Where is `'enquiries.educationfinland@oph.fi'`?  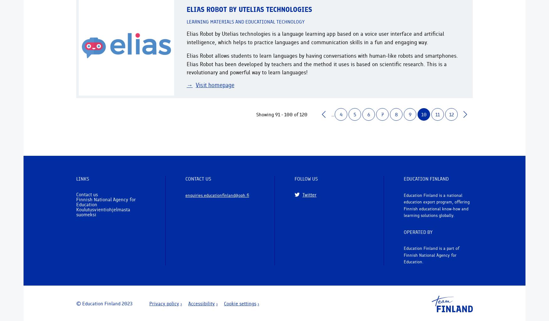 'enquiries.educationfinland@oph.fi' is located at coordinates (217, 195).